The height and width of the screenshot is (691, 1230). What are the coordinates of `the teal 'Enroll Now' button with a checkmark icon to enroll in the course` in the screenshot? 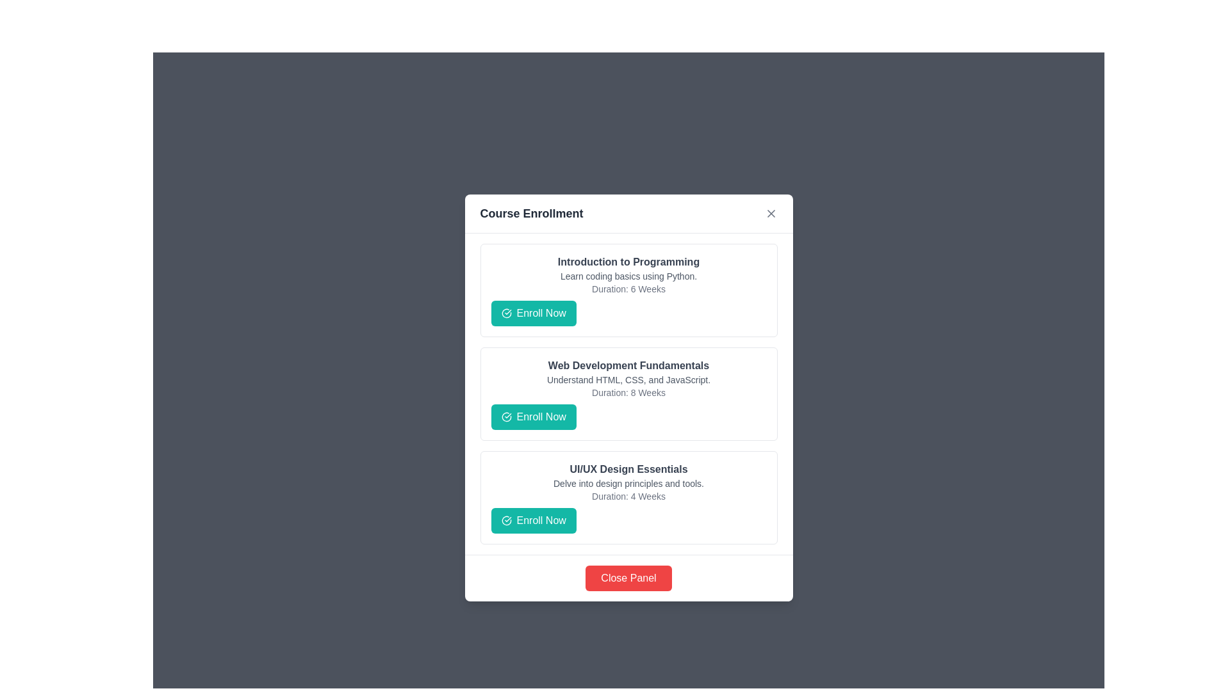 It's located at (534, 520).